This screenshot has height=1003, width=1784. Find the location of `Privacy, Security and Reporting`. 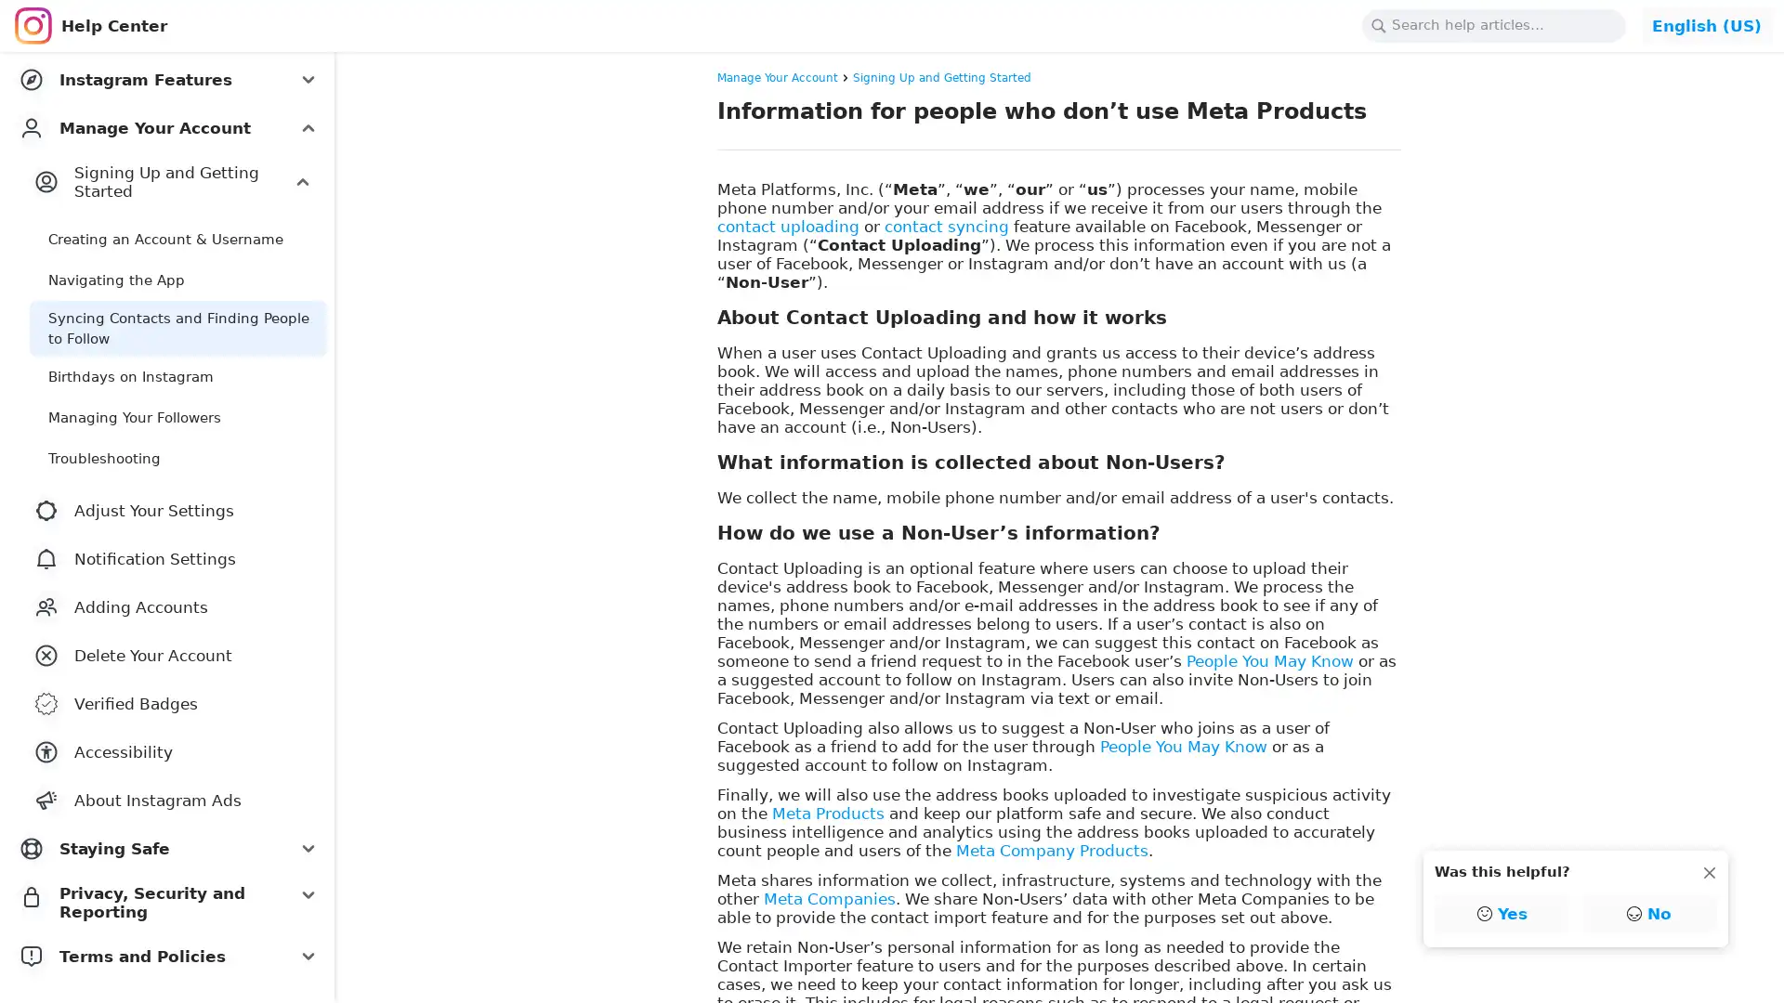

Privacy, Security and Reporting is located at coordinates (167, 901).